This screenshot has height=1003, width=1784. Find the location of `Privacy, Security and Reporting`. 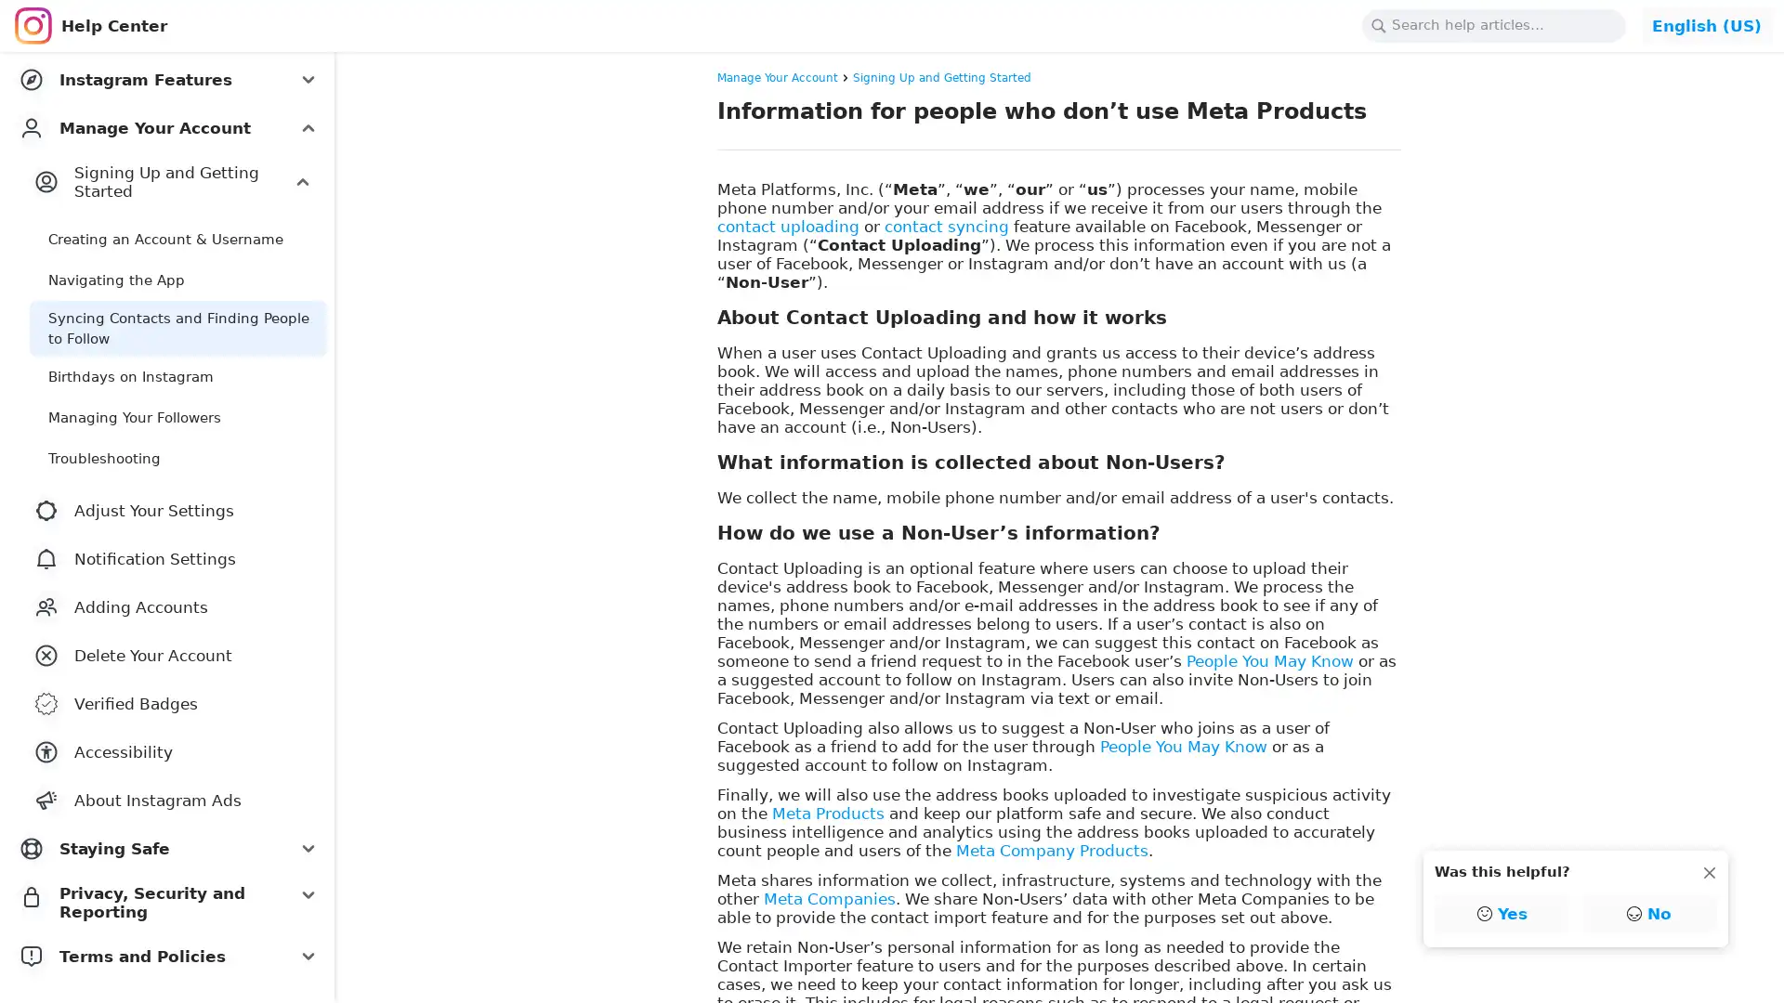

Privacy, Security and Reporting is located at coordinates (167, 901).